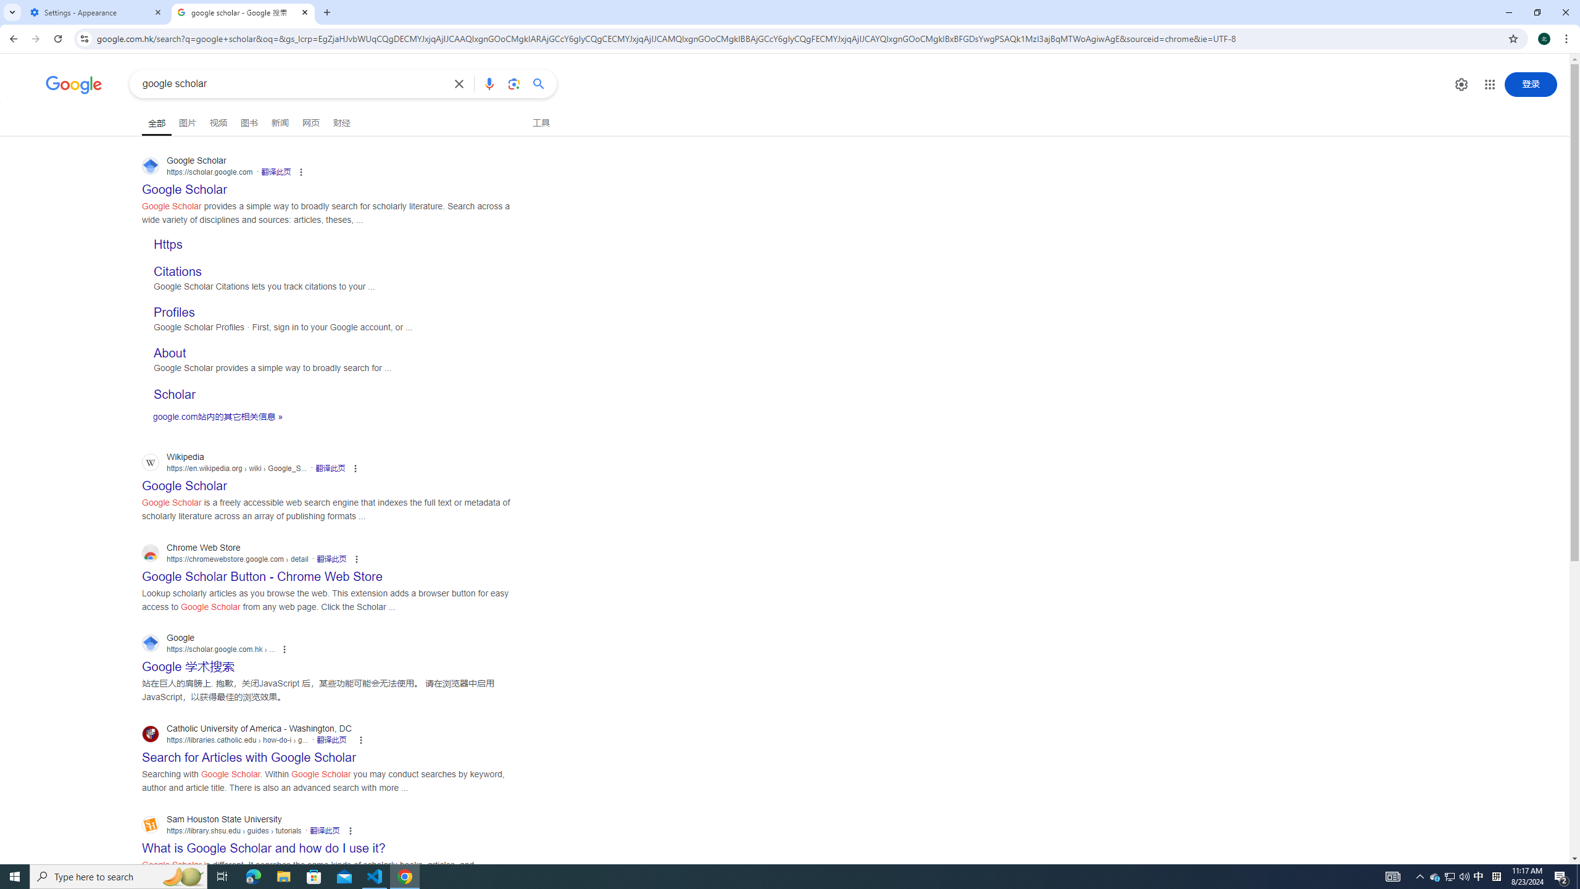 The image size is (1580, 889). I want to click on ' Google Scholar Google Scholar https://scholar.google.com', so click(184, 185).